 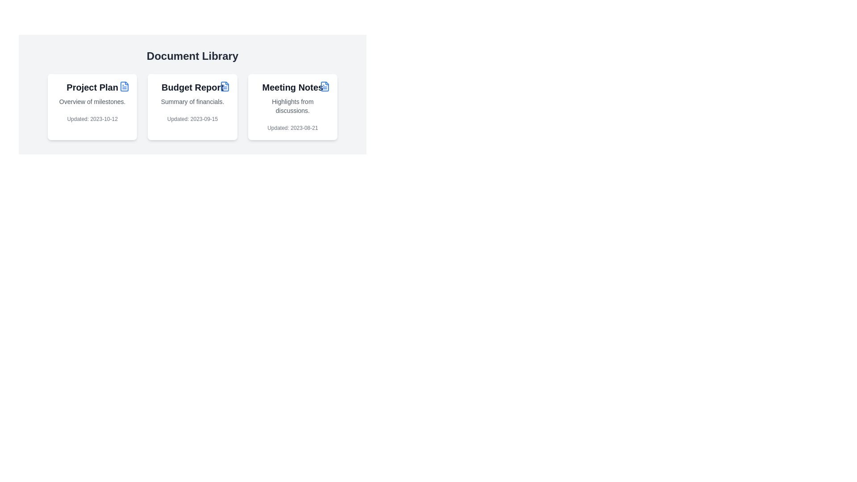 What do you see at coordinates (124, 86) in the screenshot?
I see `the document icon with a blue outline located above the title 'Project Plan' in the 'Document Library' interface` at bounding box center [124, 86].